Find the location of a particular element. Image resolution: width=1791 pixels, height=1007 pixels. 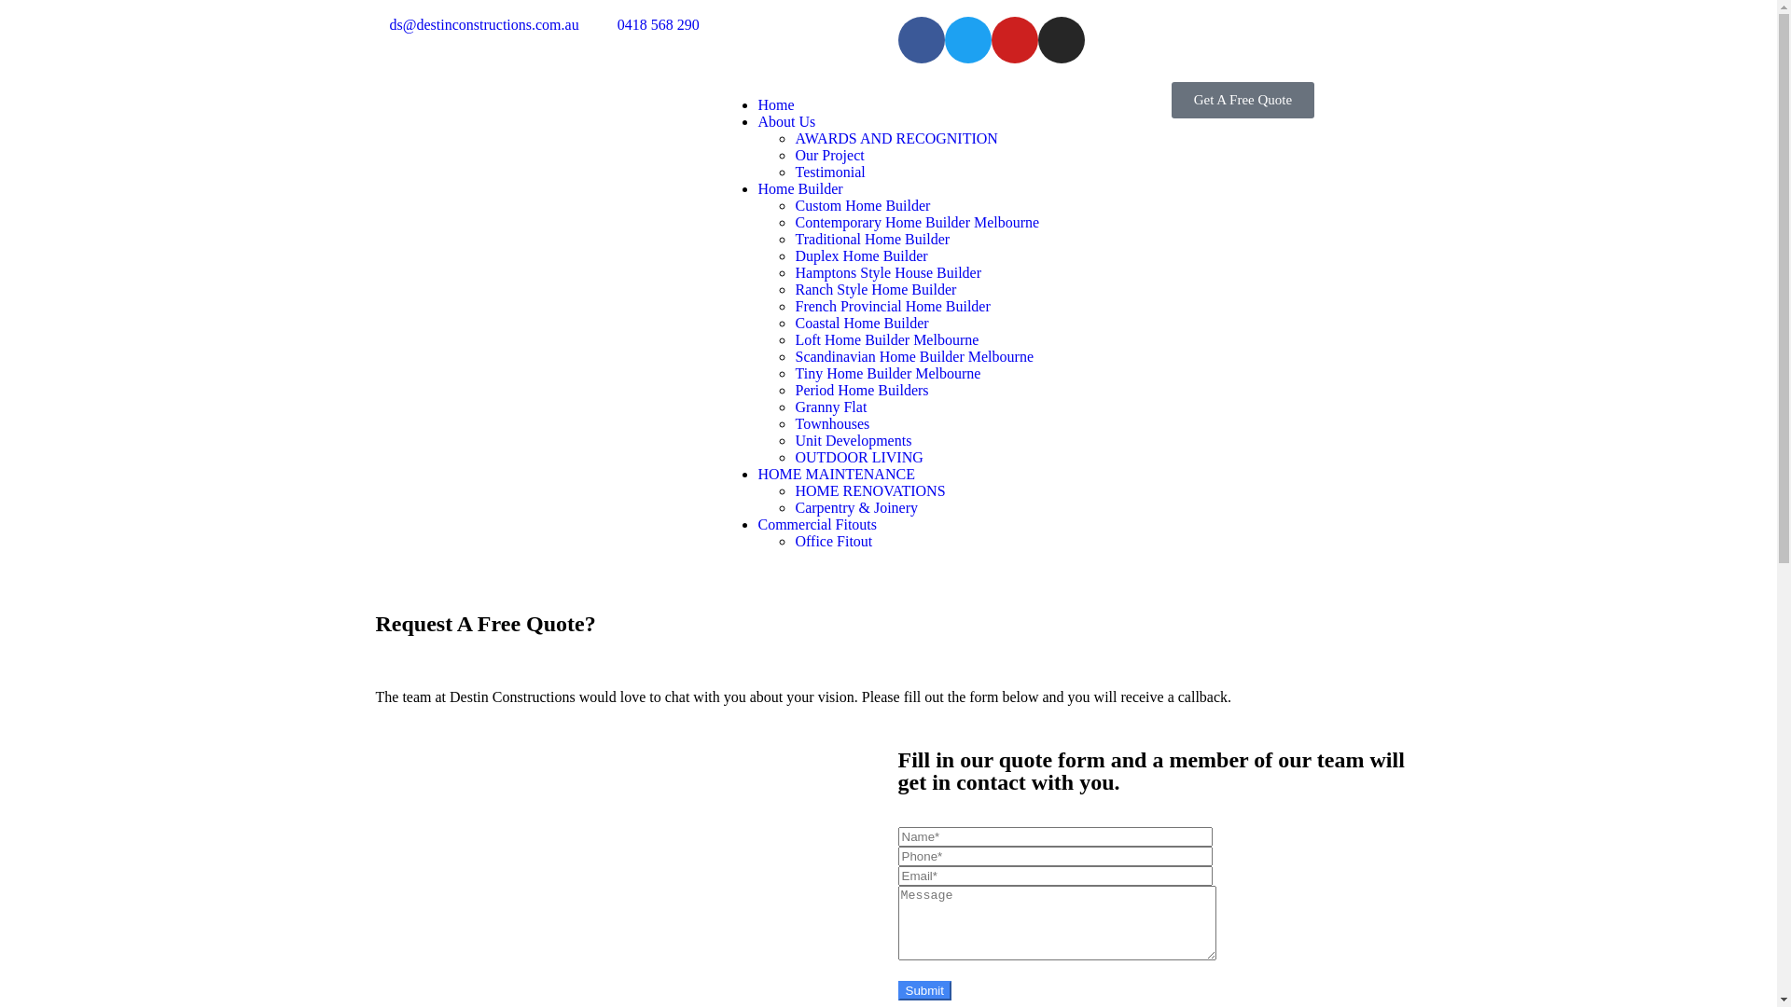

'Custom Home Builder' is located at coordinates (794, 205).